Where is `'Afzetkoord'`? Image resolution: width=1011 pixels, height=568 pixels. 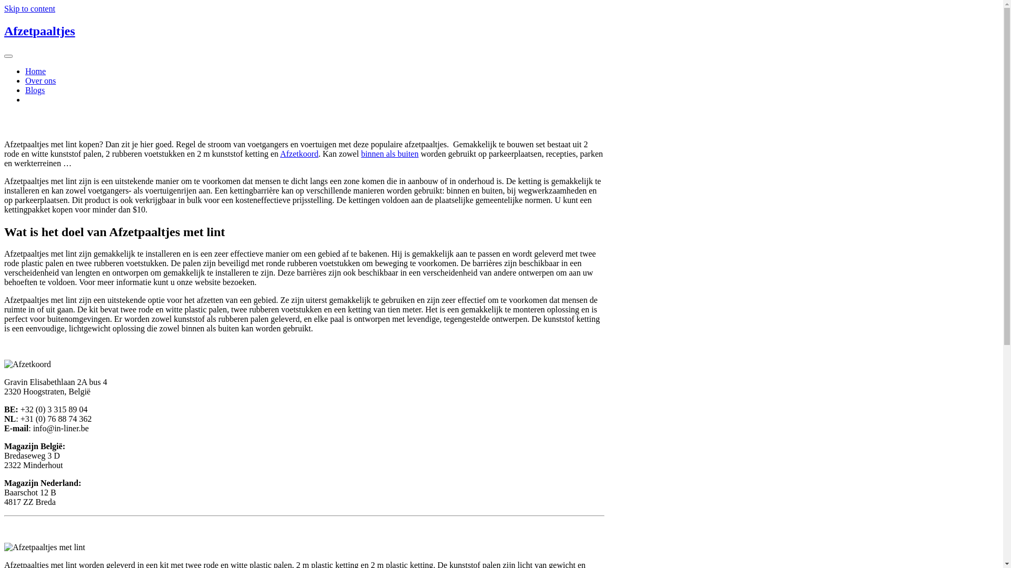
'Afzetkoord' is located at coordinates (280, 154).